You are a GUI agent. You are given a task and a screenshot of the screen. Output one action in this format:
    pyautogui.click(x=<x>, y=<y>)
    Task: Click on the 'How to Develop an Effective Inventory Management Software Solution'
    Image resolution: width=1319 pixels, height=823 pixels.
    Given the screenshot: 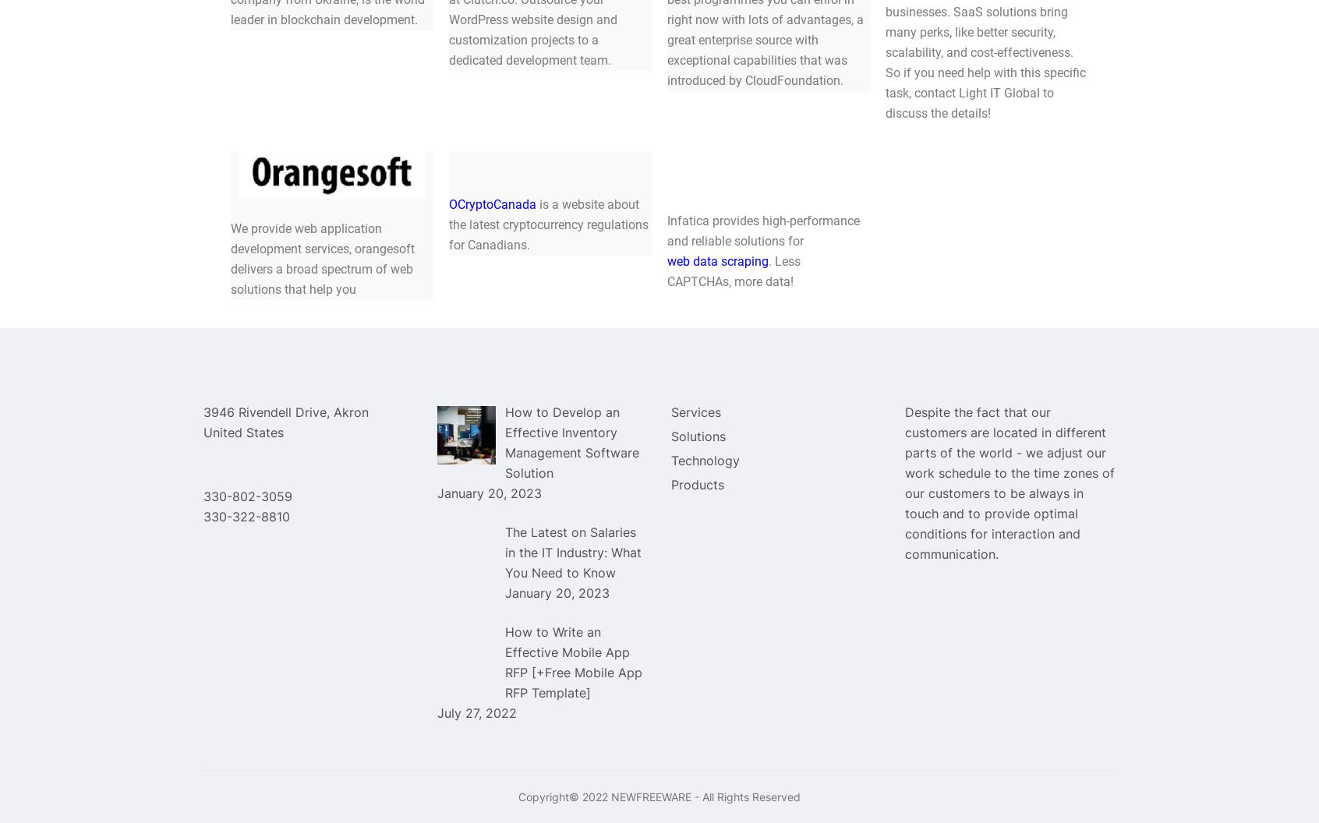 What is the action you would take?
    pyautogui.click(x=571, y=441)
    